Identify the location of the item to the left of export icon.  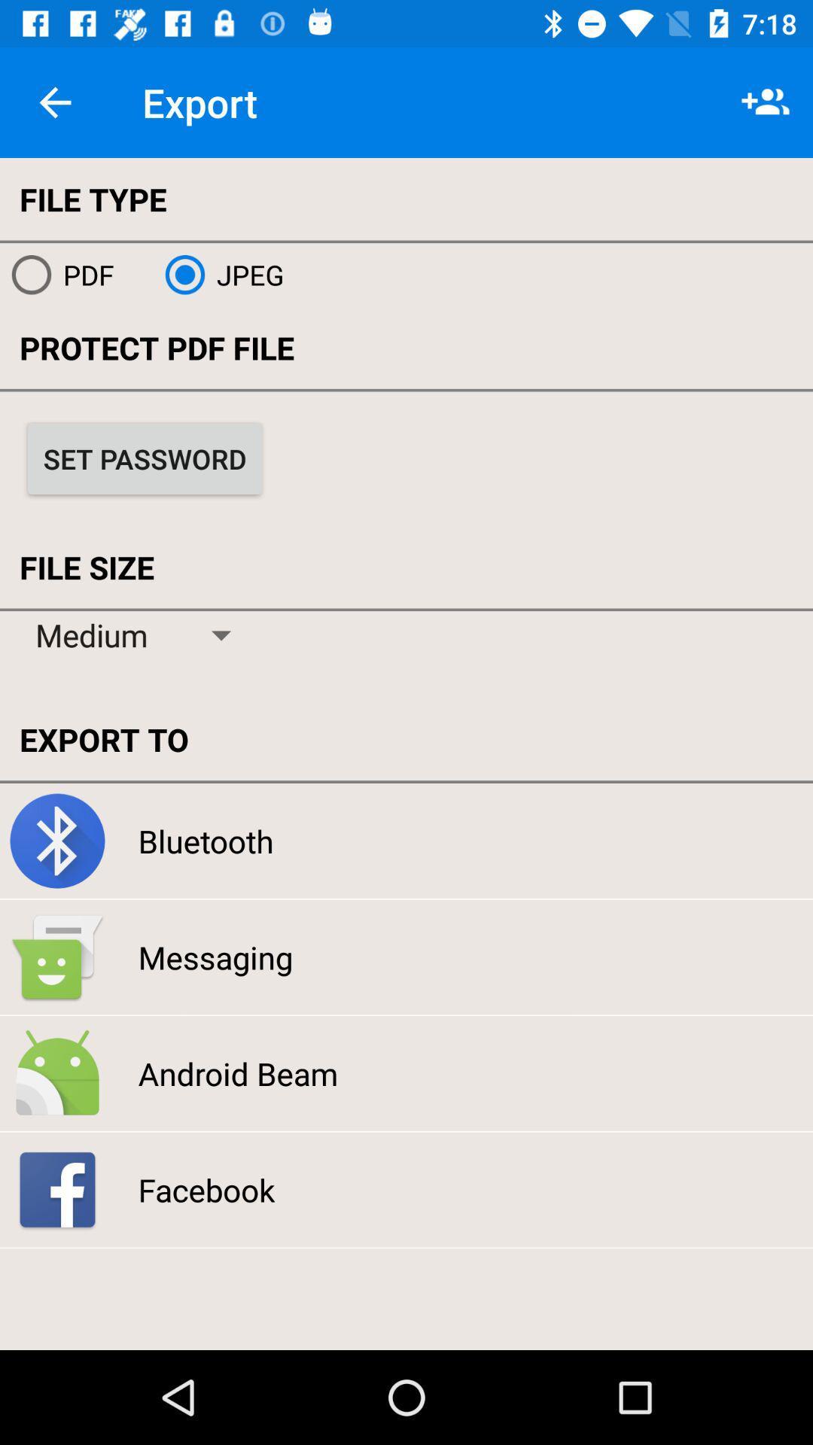
(54, 102).